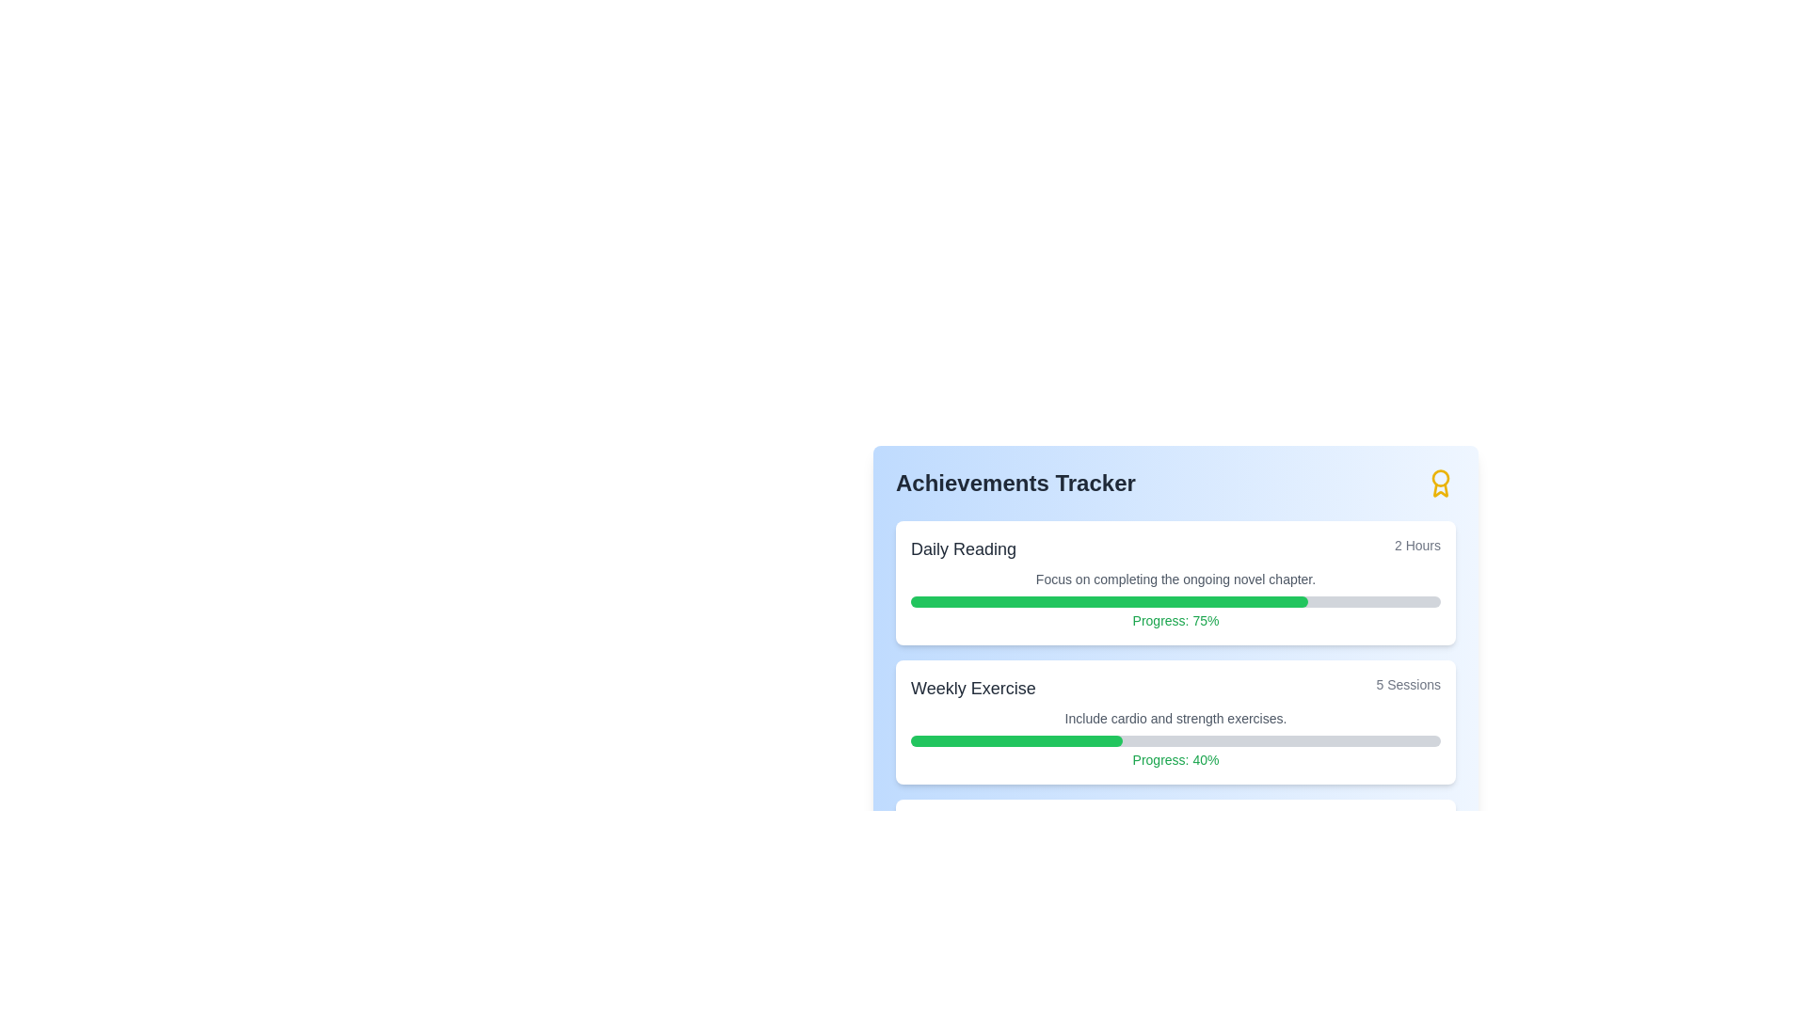  I want to click on the descriptive text element located below the title 'Weekly Exercise' and above the progress bar labeled 'Progress: 40%' in the second card of the activity list, so click(1175, 718).